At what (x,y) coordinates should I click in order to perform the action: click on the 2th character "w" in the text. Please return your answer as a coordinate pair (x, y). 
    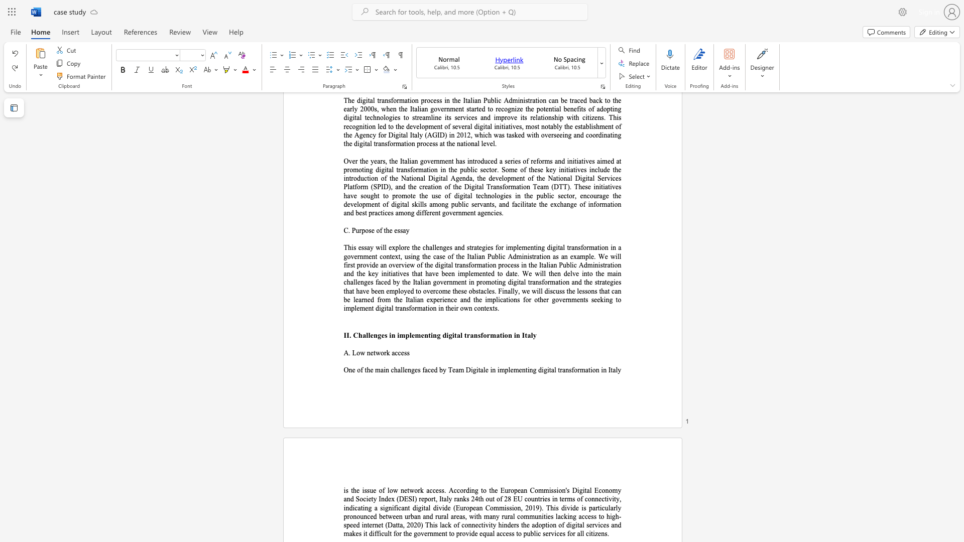
    Looking at the image, I should click on (378, 352).